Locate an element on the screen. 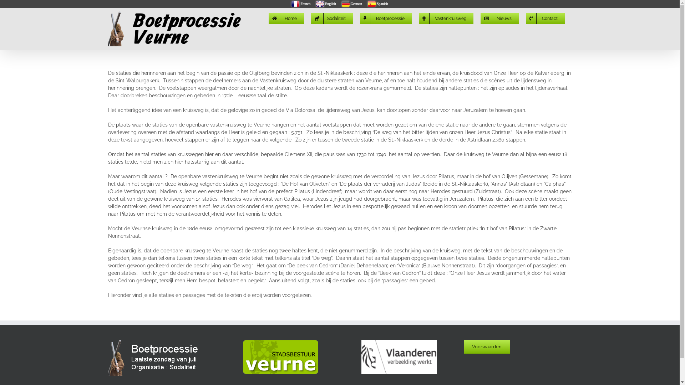  'Nieuws' is located at coordinates (499, 17).